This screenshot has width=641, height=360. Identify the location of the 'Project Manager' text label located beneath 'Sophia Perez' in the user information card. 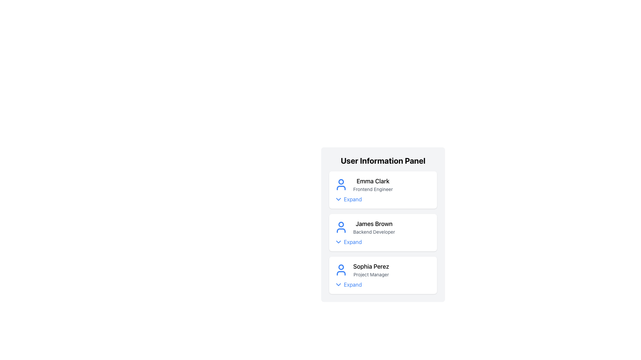
(371, 275).